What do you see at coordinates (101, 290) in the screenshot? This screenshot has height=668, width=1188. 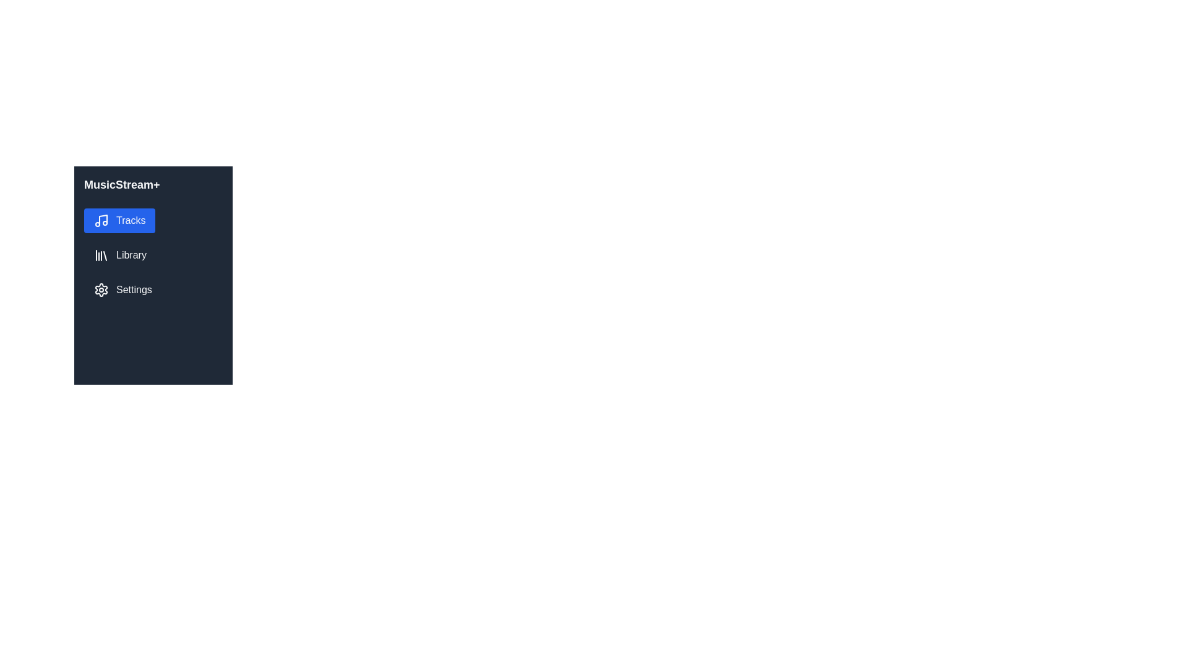 I see `the settings icon located in the vertical navigation sidebar` at bounding box center [101, 290].